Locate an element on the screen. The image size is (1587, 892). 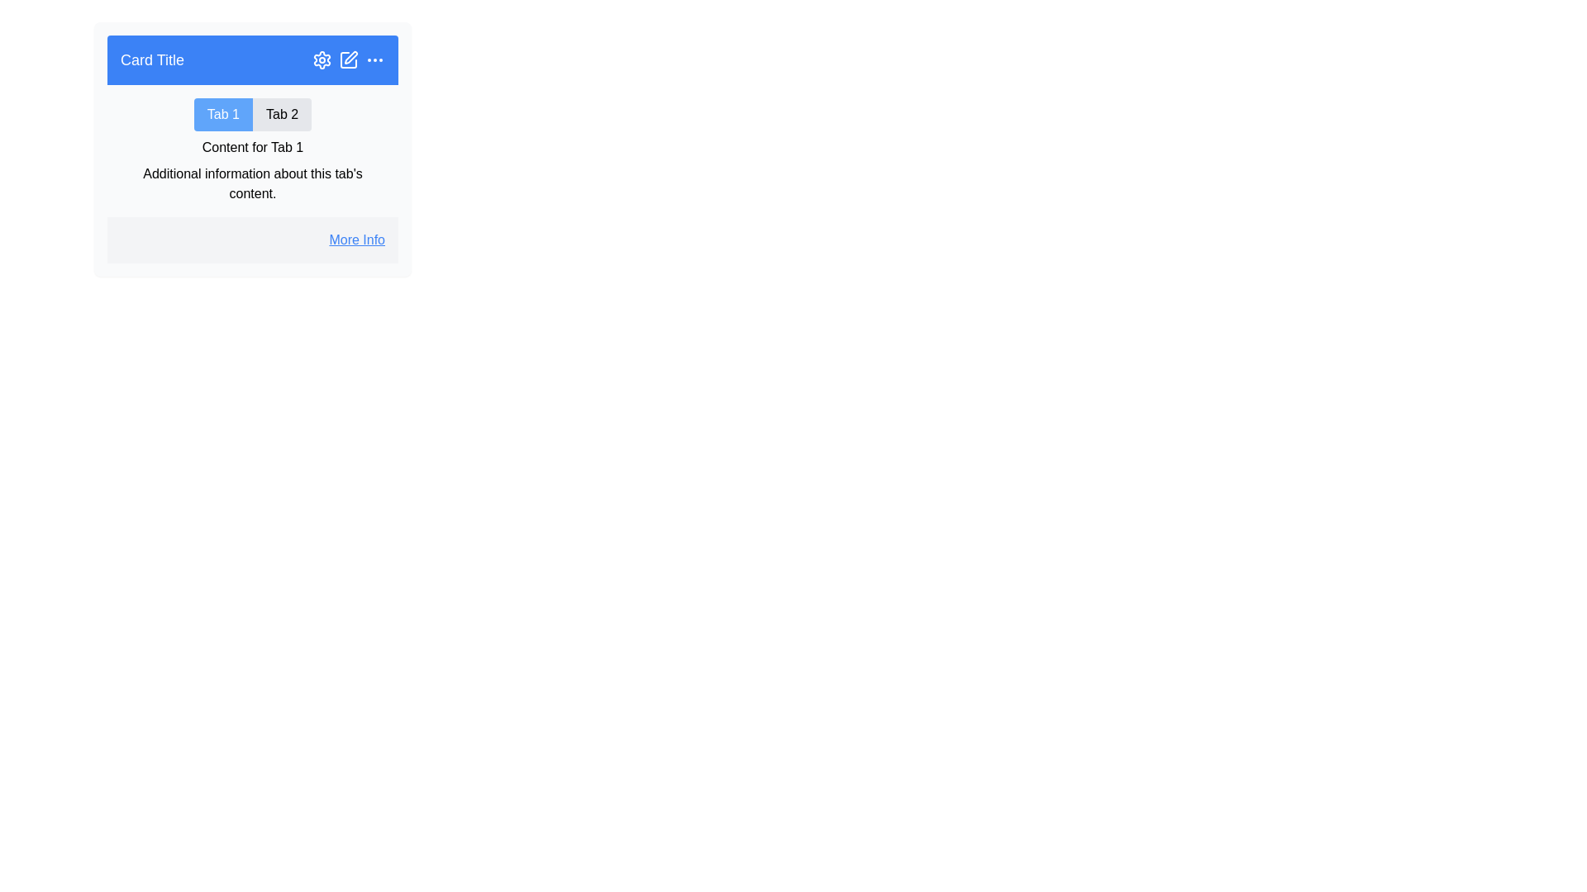
the editing icon located in the top-right corner of the card header labeled 'Card Title' is located at coordinates (348, 59).